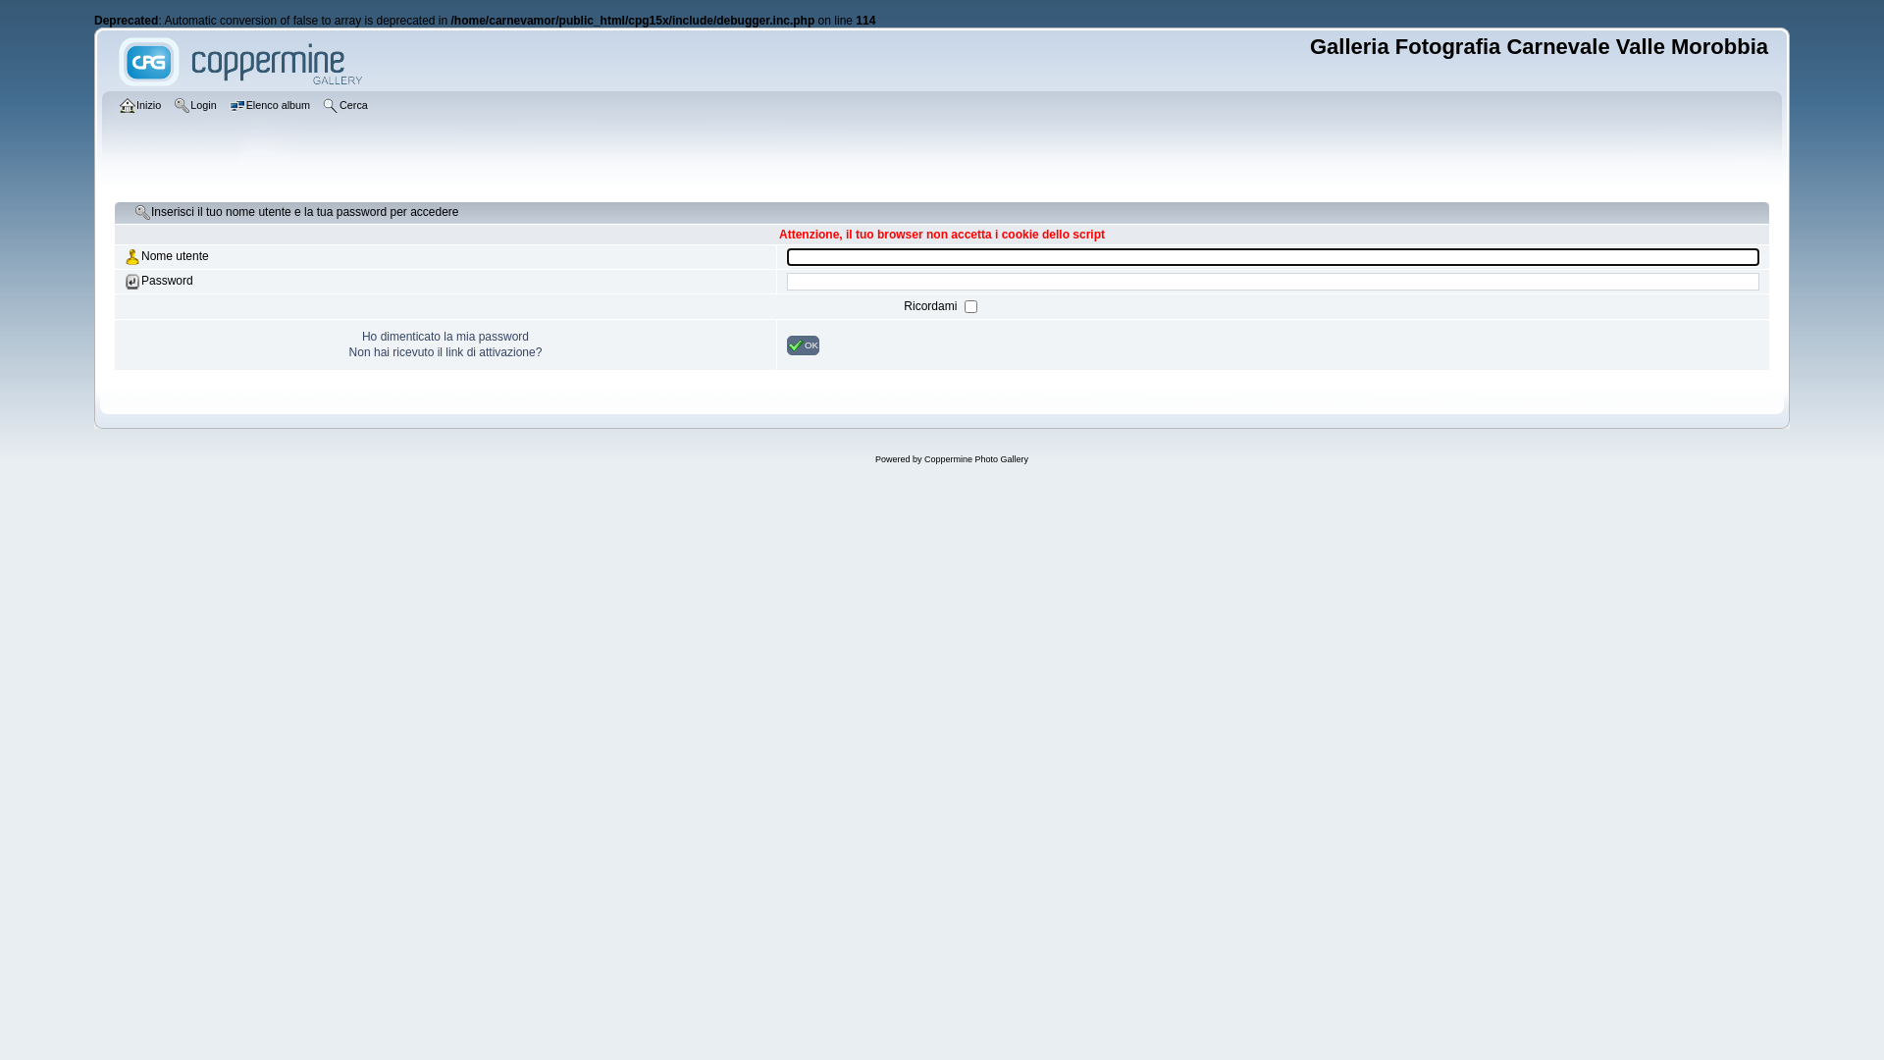 The image size is (1884, 1060). What do you see at coordinates (197, 106) in the screenshot?
I see `'Login'` at bounding box center [197, 106].